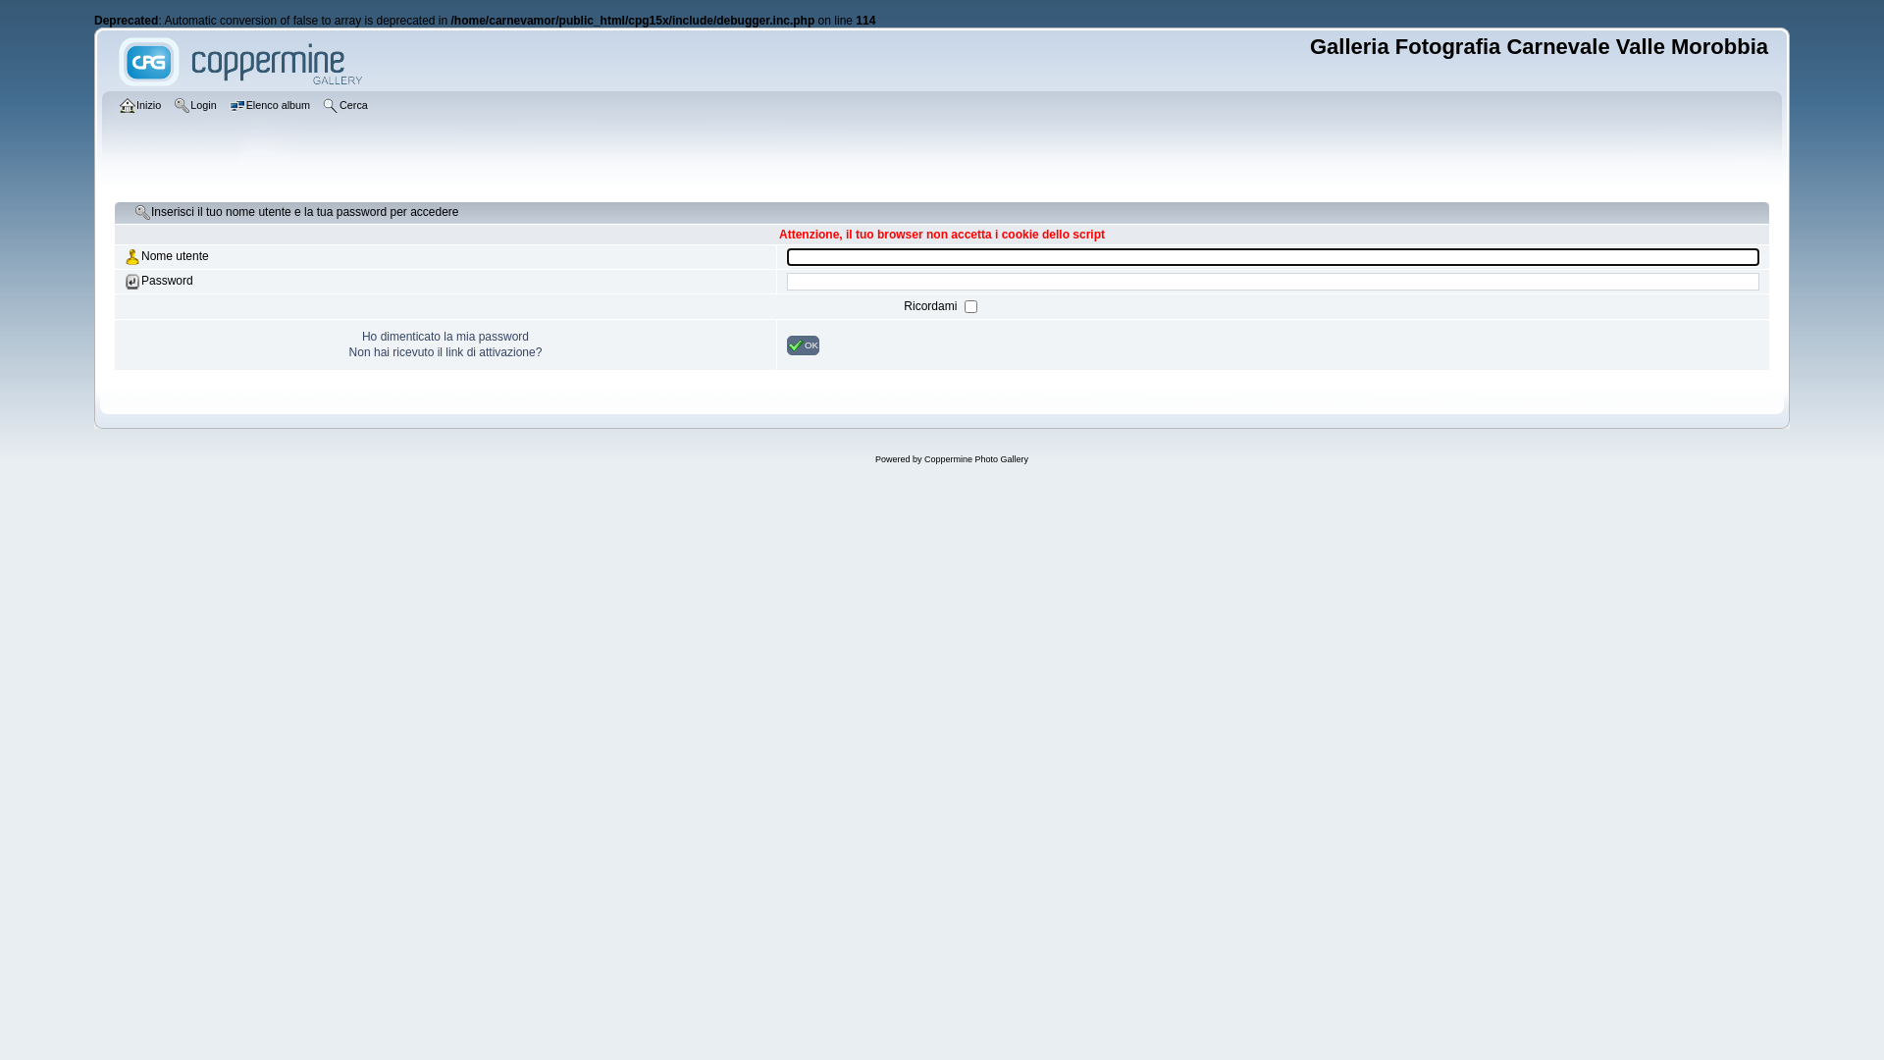 The image size is (1884, 1060). What do you see at coordinates (197, 106) in the screenshot?
I see `'Login'` at bounding box center [197, 106].